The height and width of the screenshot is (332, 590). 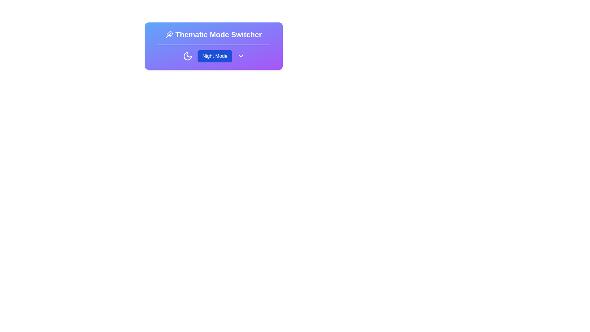 I want to click on the downwards chevron icon located next to the 'Night Mode' button in the top-right section of the interface, so click(x=241, y=56).